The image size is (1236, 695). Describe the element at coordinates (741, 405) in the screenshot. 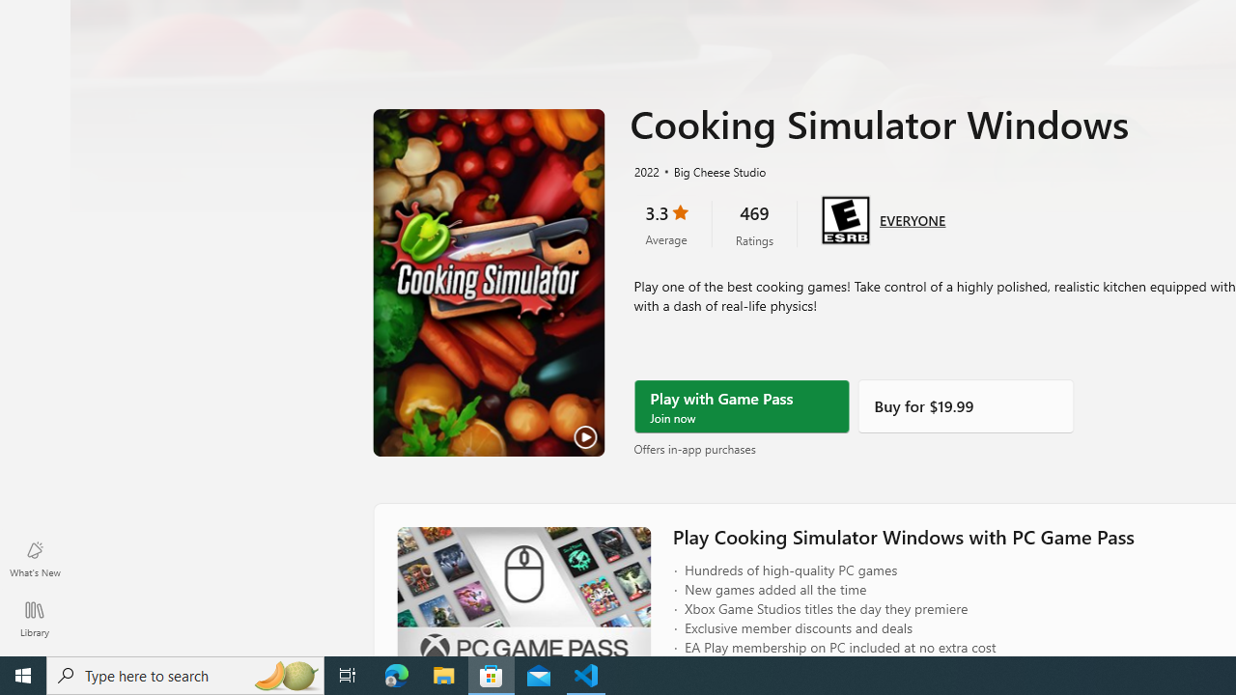

I see `'Play with Game Pass'` at that location.